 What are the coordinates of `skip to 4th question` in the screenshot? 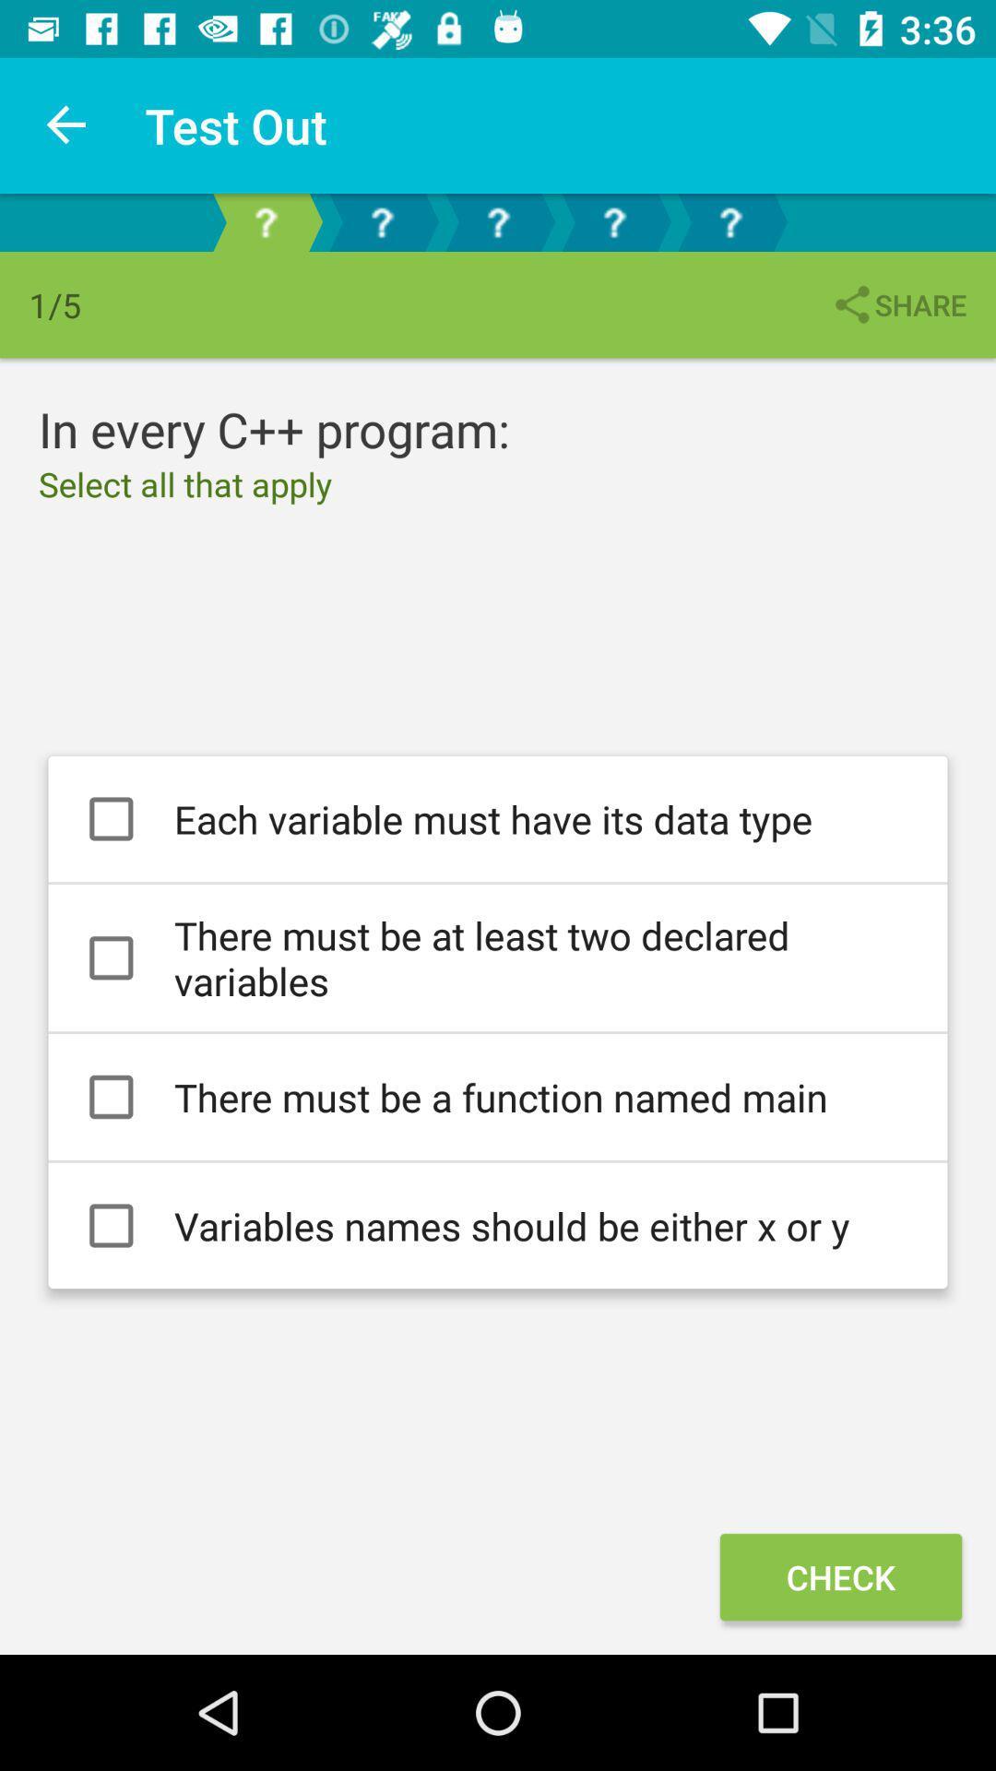 It's located at (614, 221).